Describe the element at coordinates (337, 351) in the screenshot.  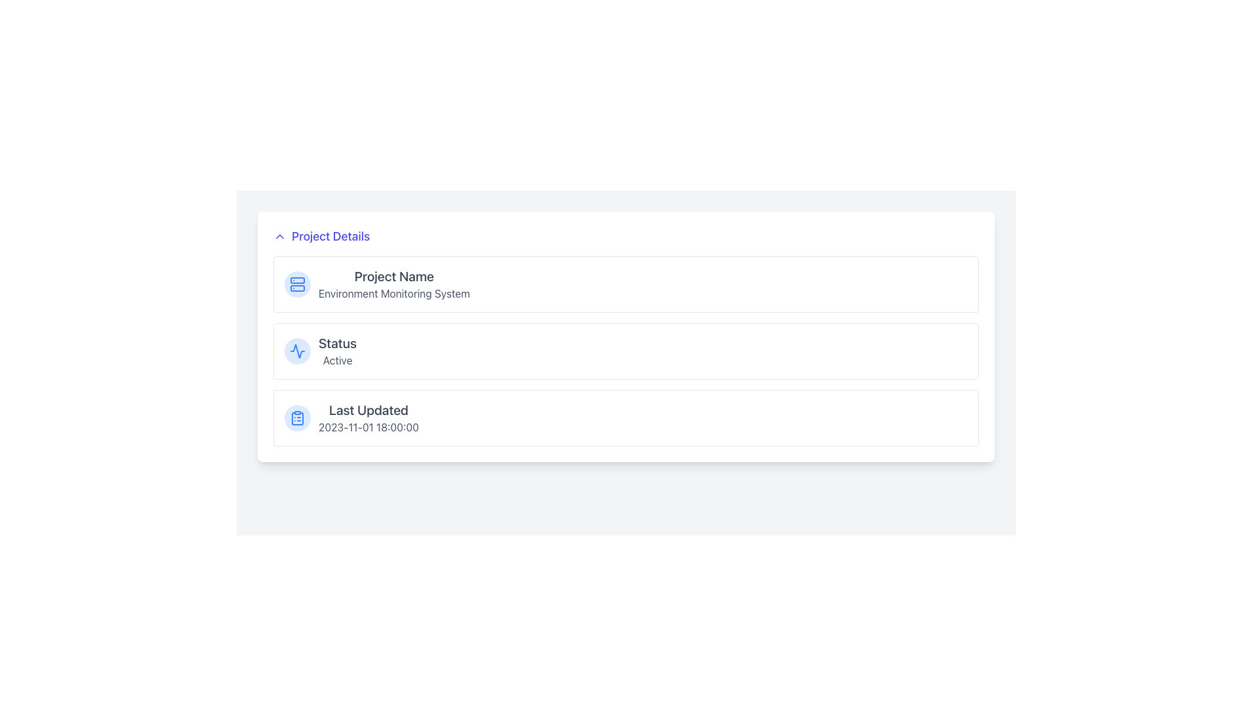
I see `text label indicating the current operational state ('Active') of the project, located in the second card under the 'Project Details' section, to the right of a circular icon with a line chart design` at that location.